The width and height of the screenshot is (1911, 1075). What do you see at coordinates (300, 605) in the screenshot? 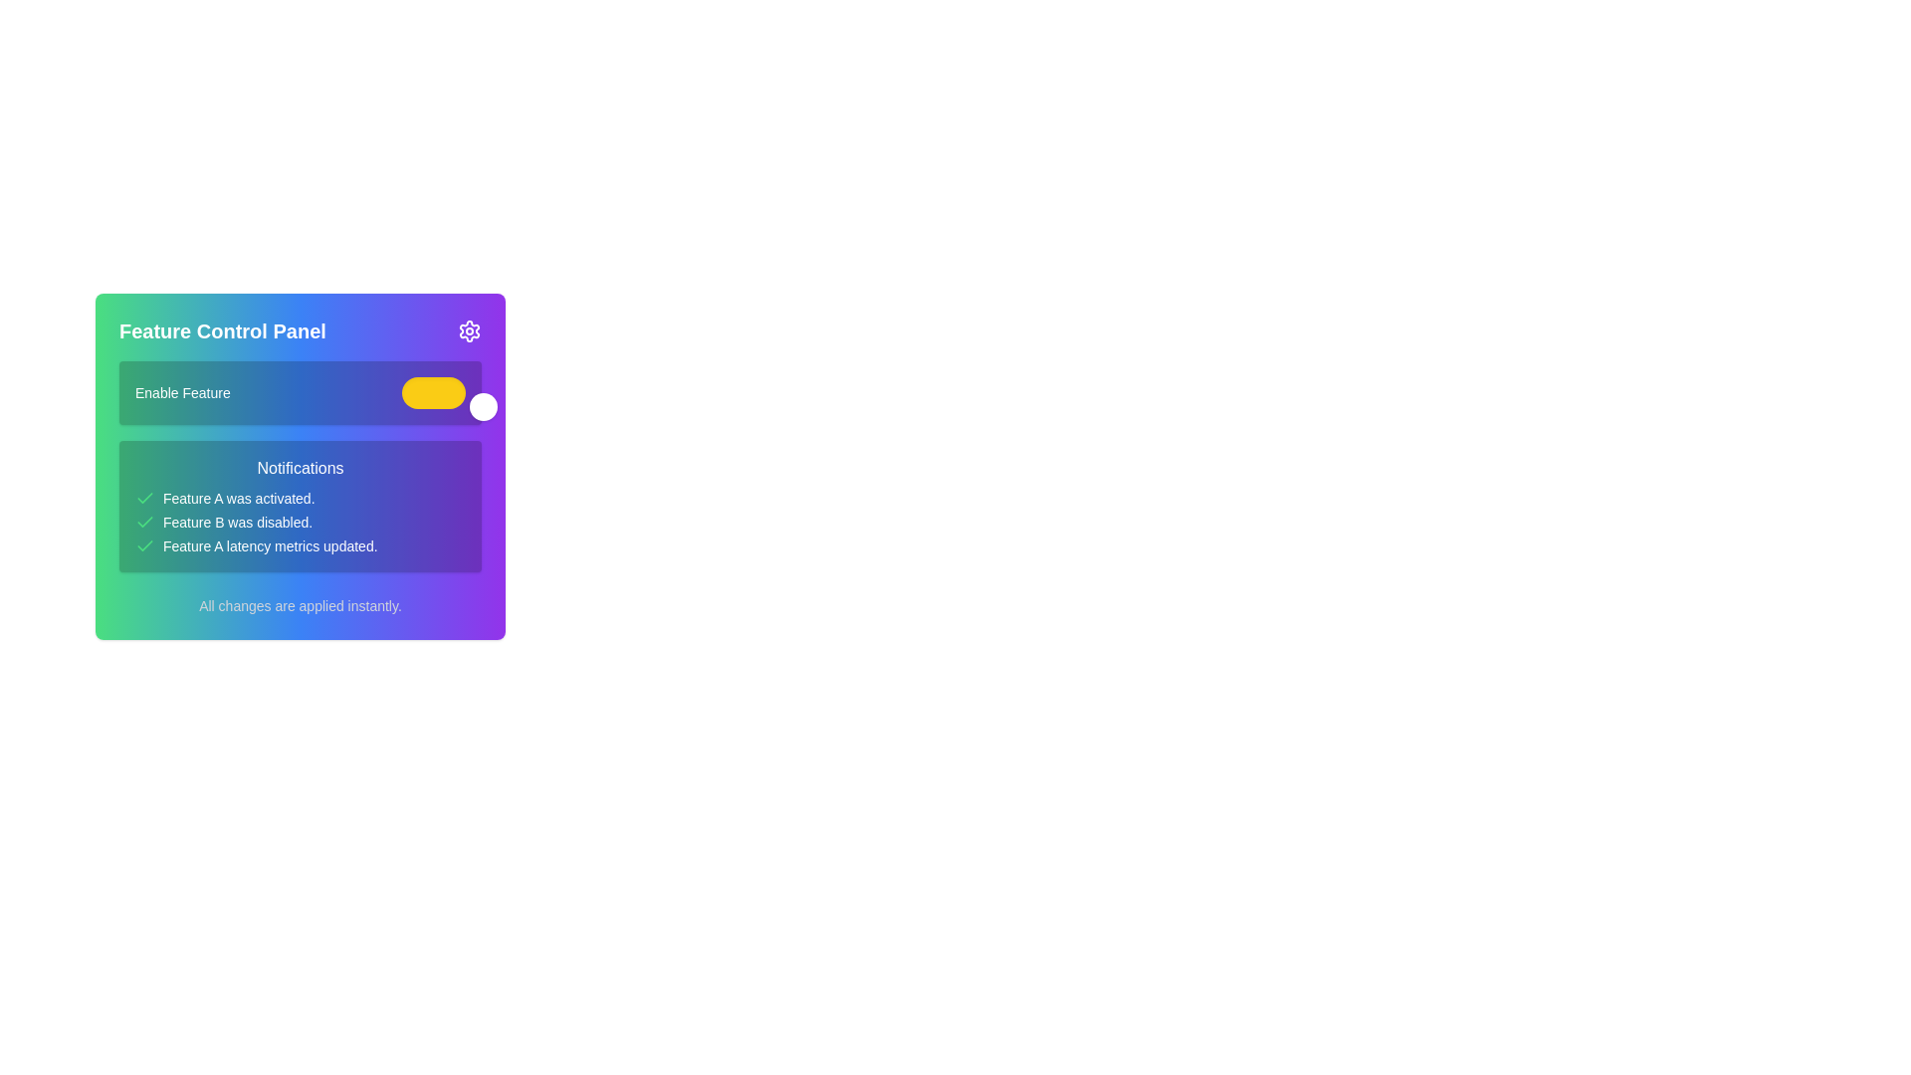
I see `the informational text label reading 'All changes are applied instantly.' located at the bottom center of the card-like panel` at bounding box center [300, 605].